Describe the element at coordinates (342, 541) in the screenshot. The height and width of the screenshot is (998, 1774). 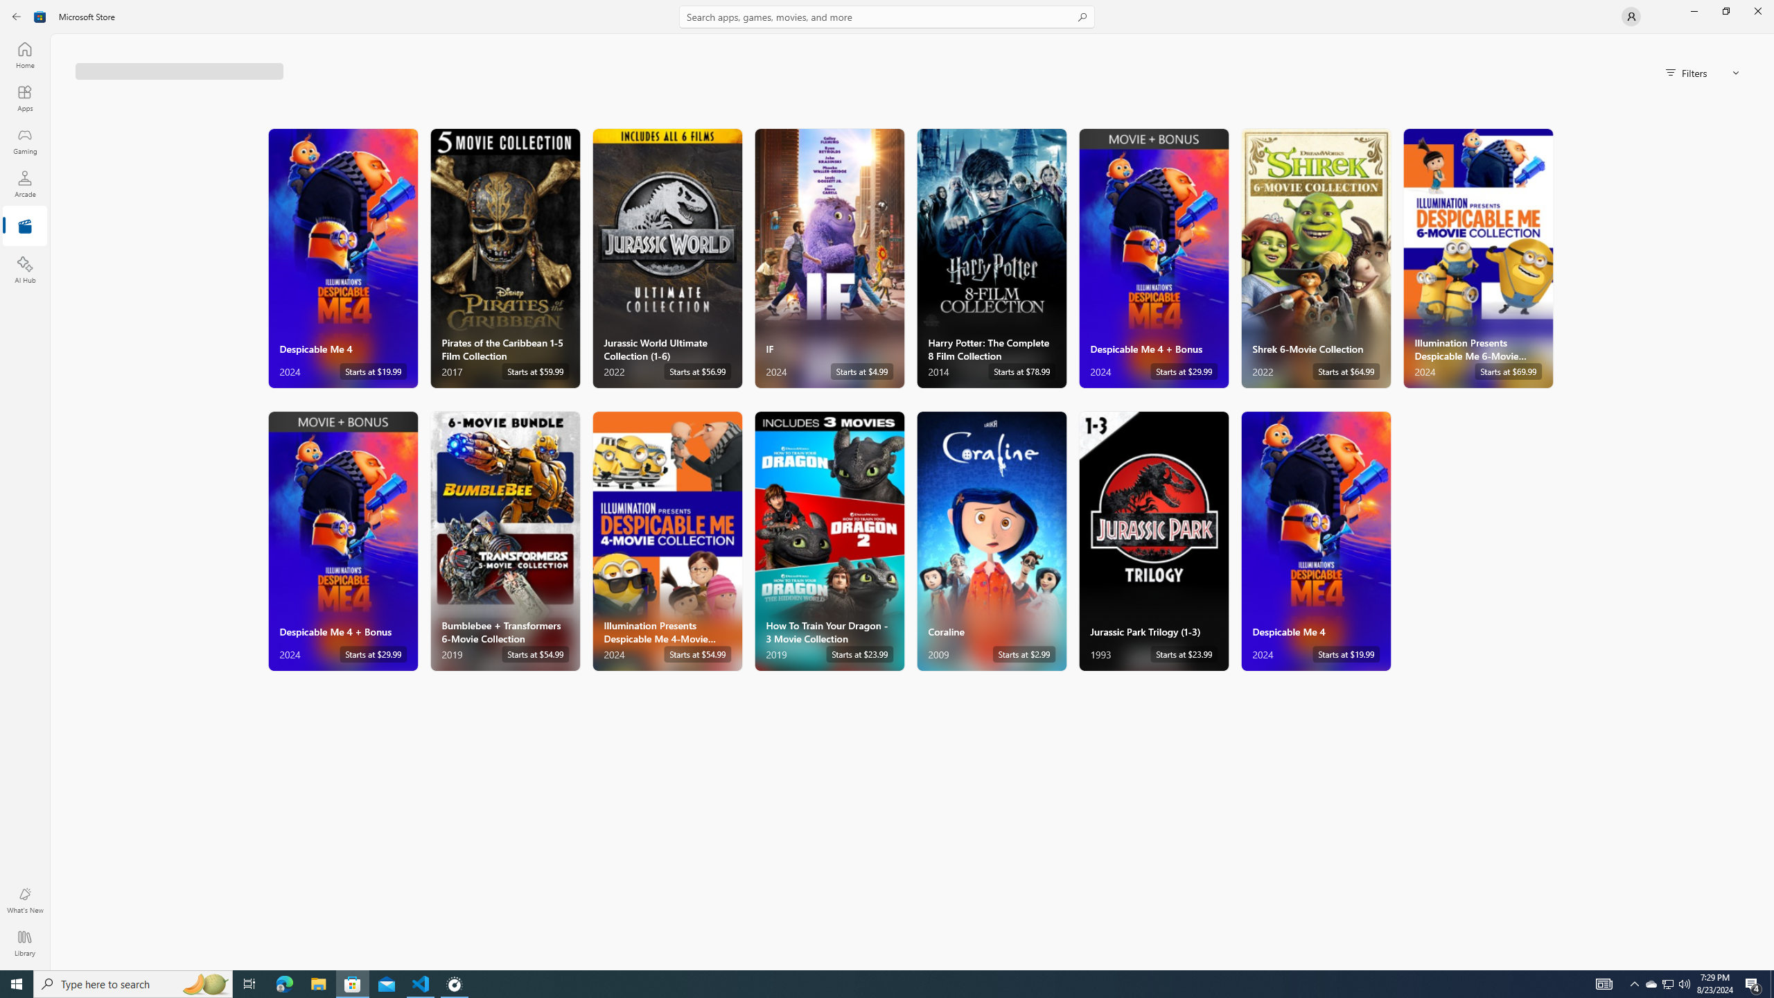
I see `'Despicable Me 4 + Bonus. Starts at $29.99  '` at that location.